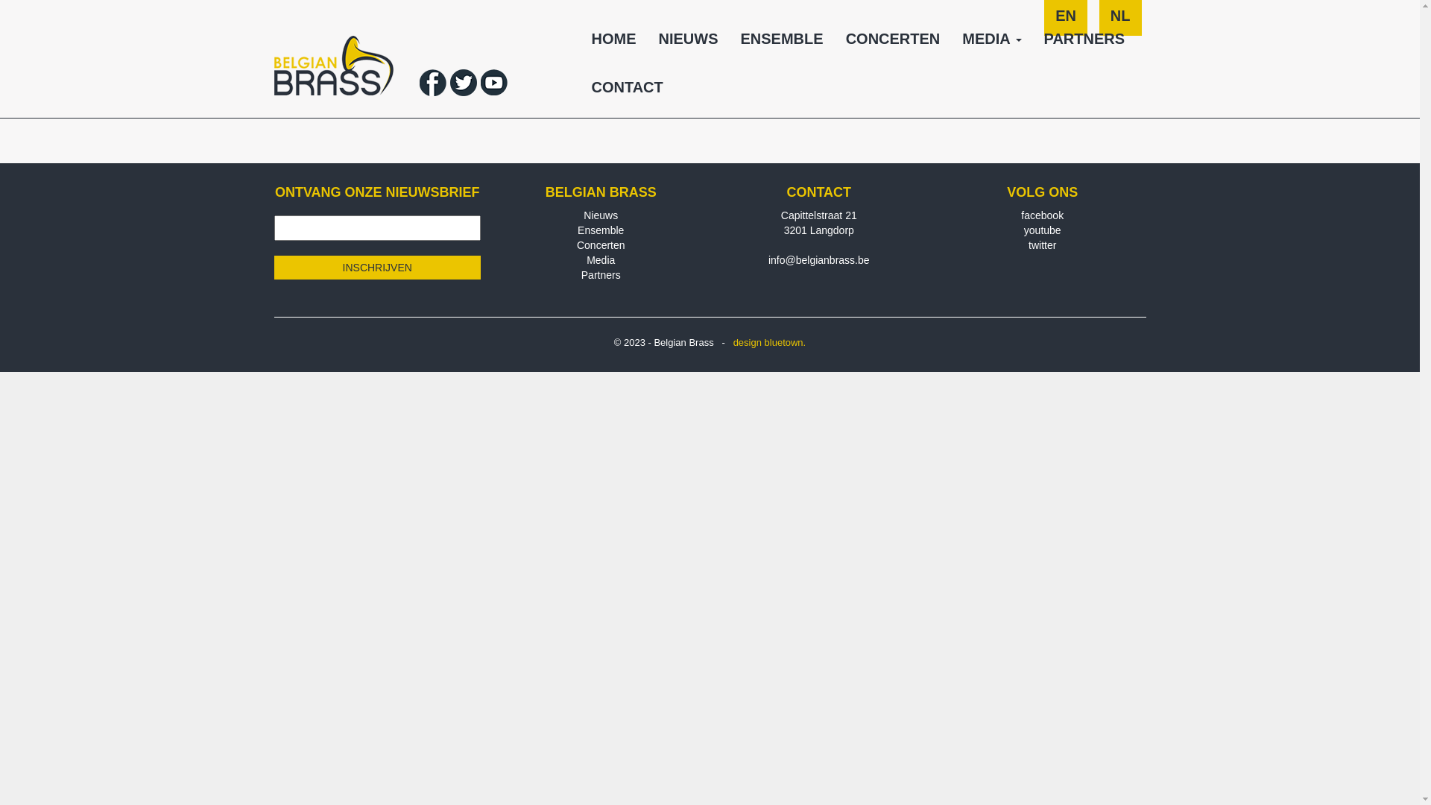 This screenshot has width=1431, height=805. What do you see at coordinates (582, 215) in the screenshot?
I see `'Nieuws'` at bounding box center [582, 215].